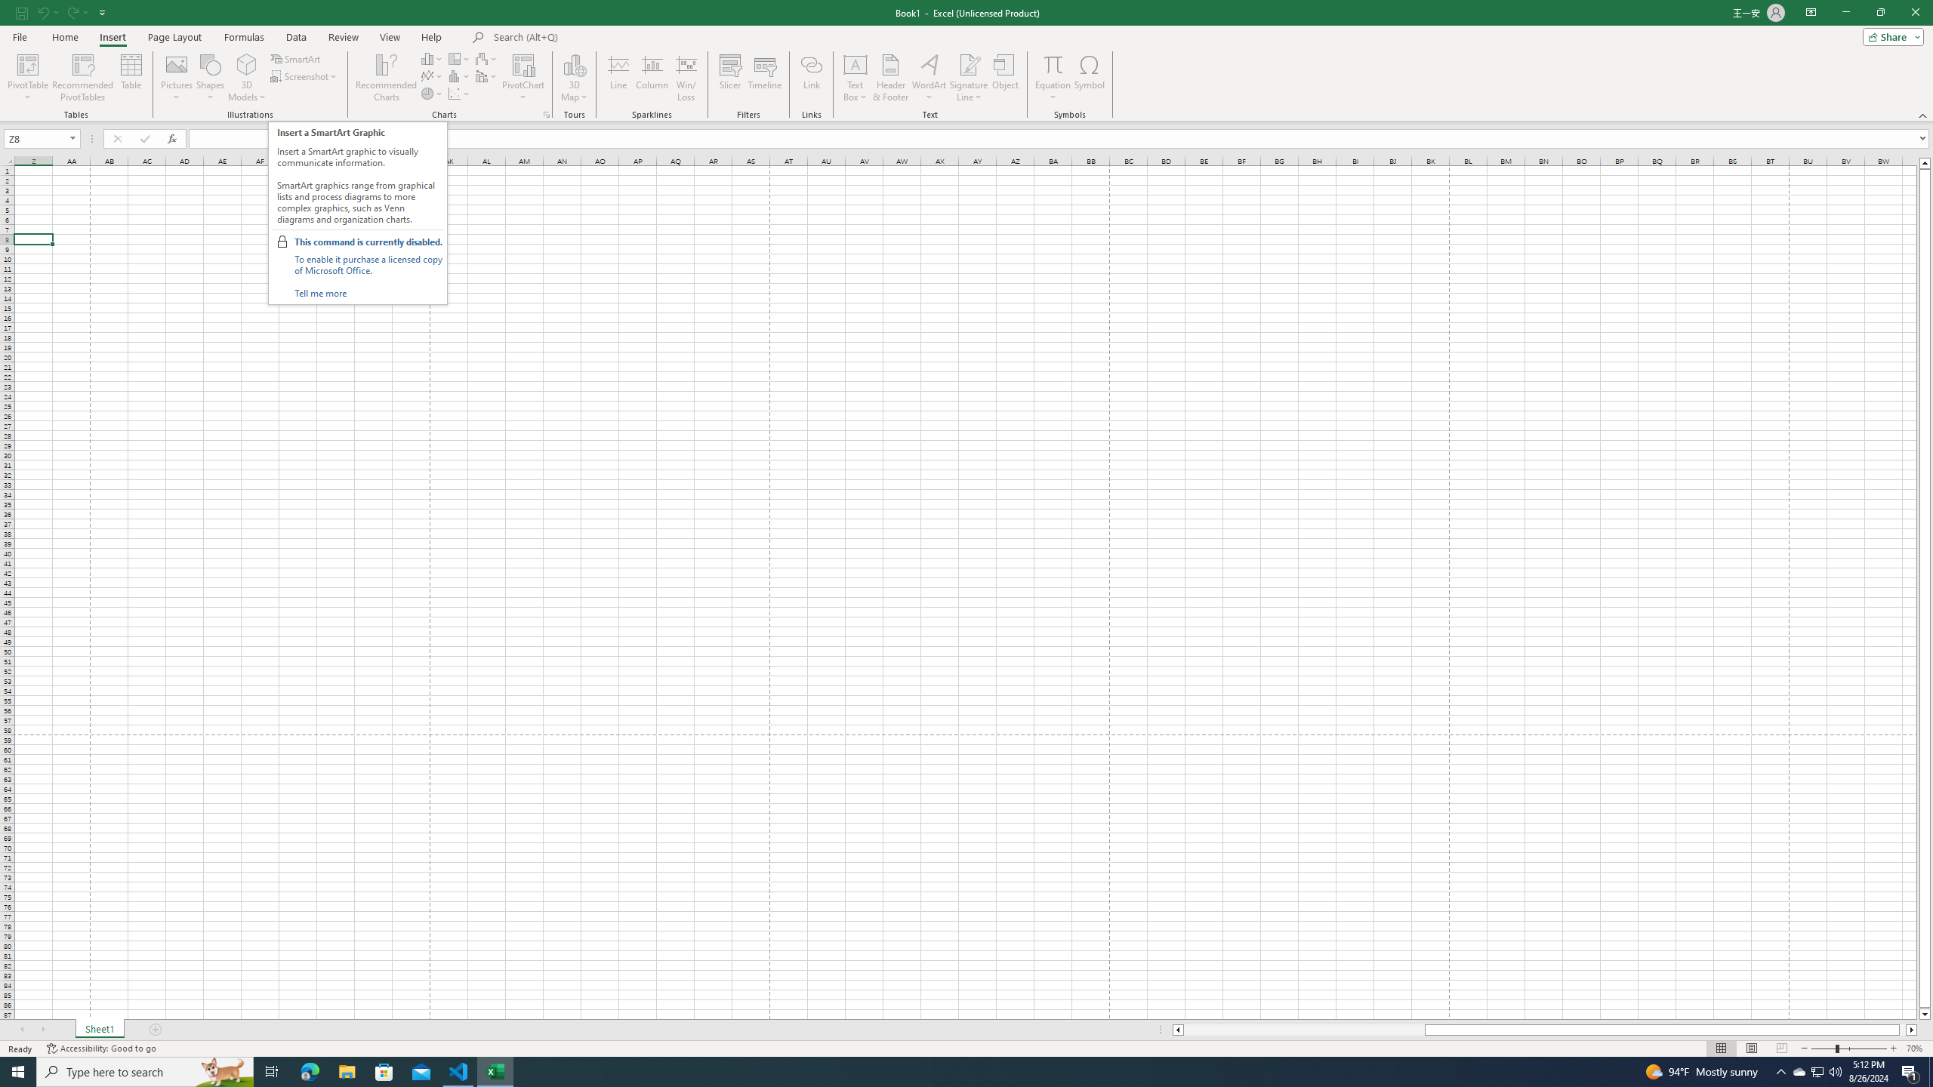 The image size is (1933, 1087). What do you see at coordinates (763, 78) in the screenshot?
I see `'Timeline'` at bounding box center [763, 78].